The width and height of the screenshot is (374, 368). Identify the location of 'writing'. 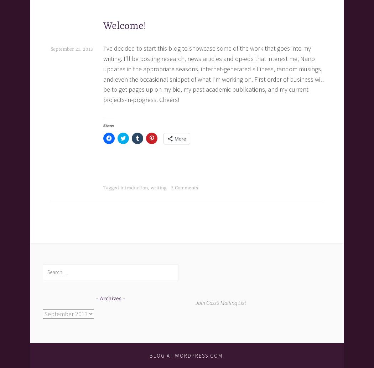
(150, 188).